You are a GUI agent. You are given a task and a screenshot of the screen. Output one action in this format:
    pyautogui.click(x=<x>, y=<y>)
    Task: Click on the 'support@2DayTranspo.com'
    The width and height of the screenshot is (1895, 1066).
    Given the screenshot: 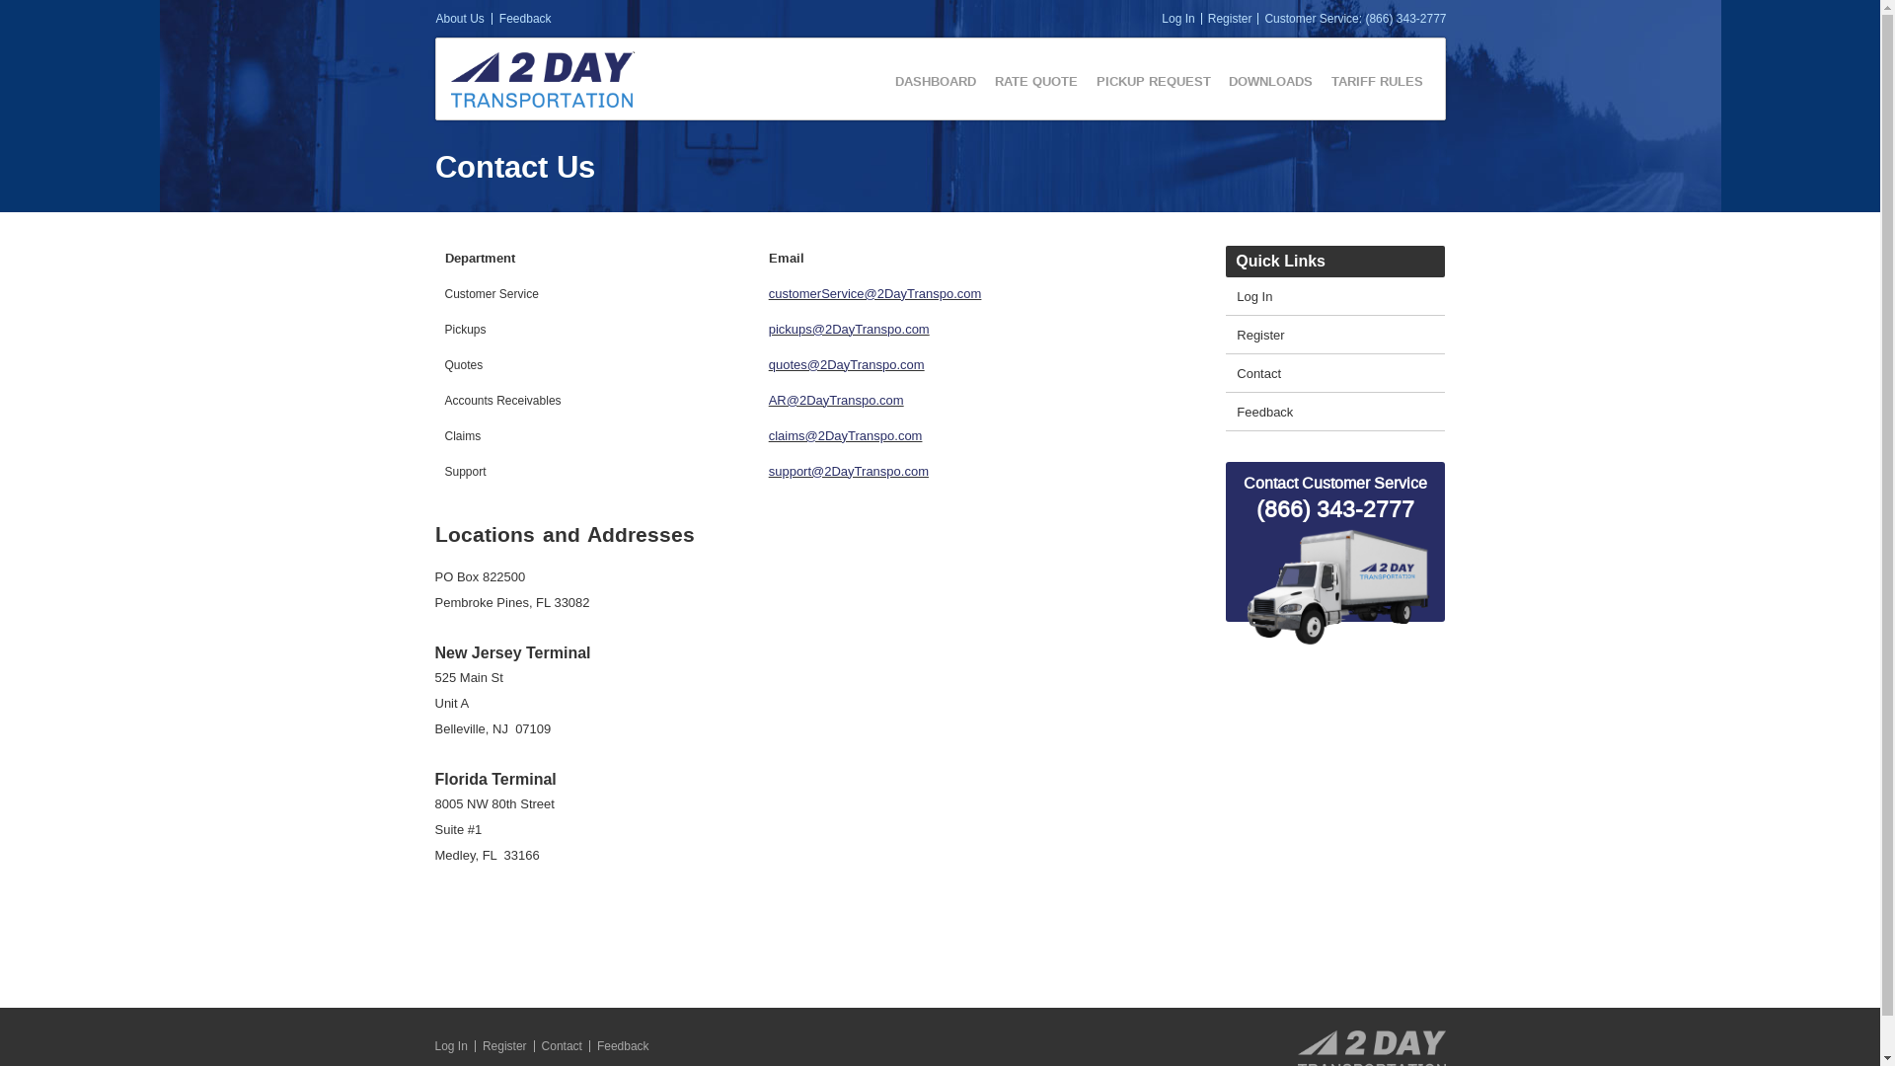 What is the action you would take?
    pyautogui.click(x=848, y=471)
    